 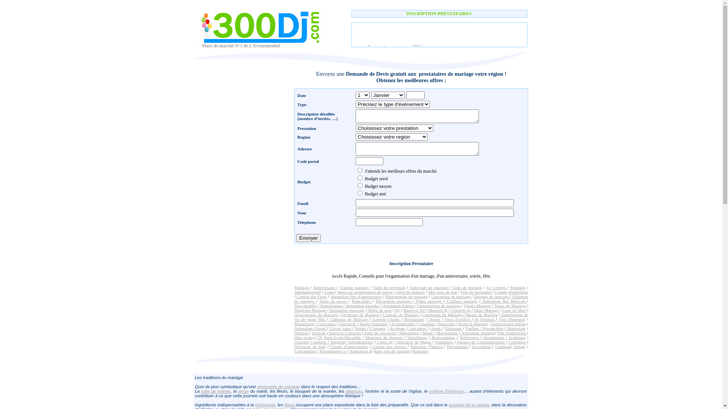 I want to click on 'Idees Mariage', so click(x=486, y=310).